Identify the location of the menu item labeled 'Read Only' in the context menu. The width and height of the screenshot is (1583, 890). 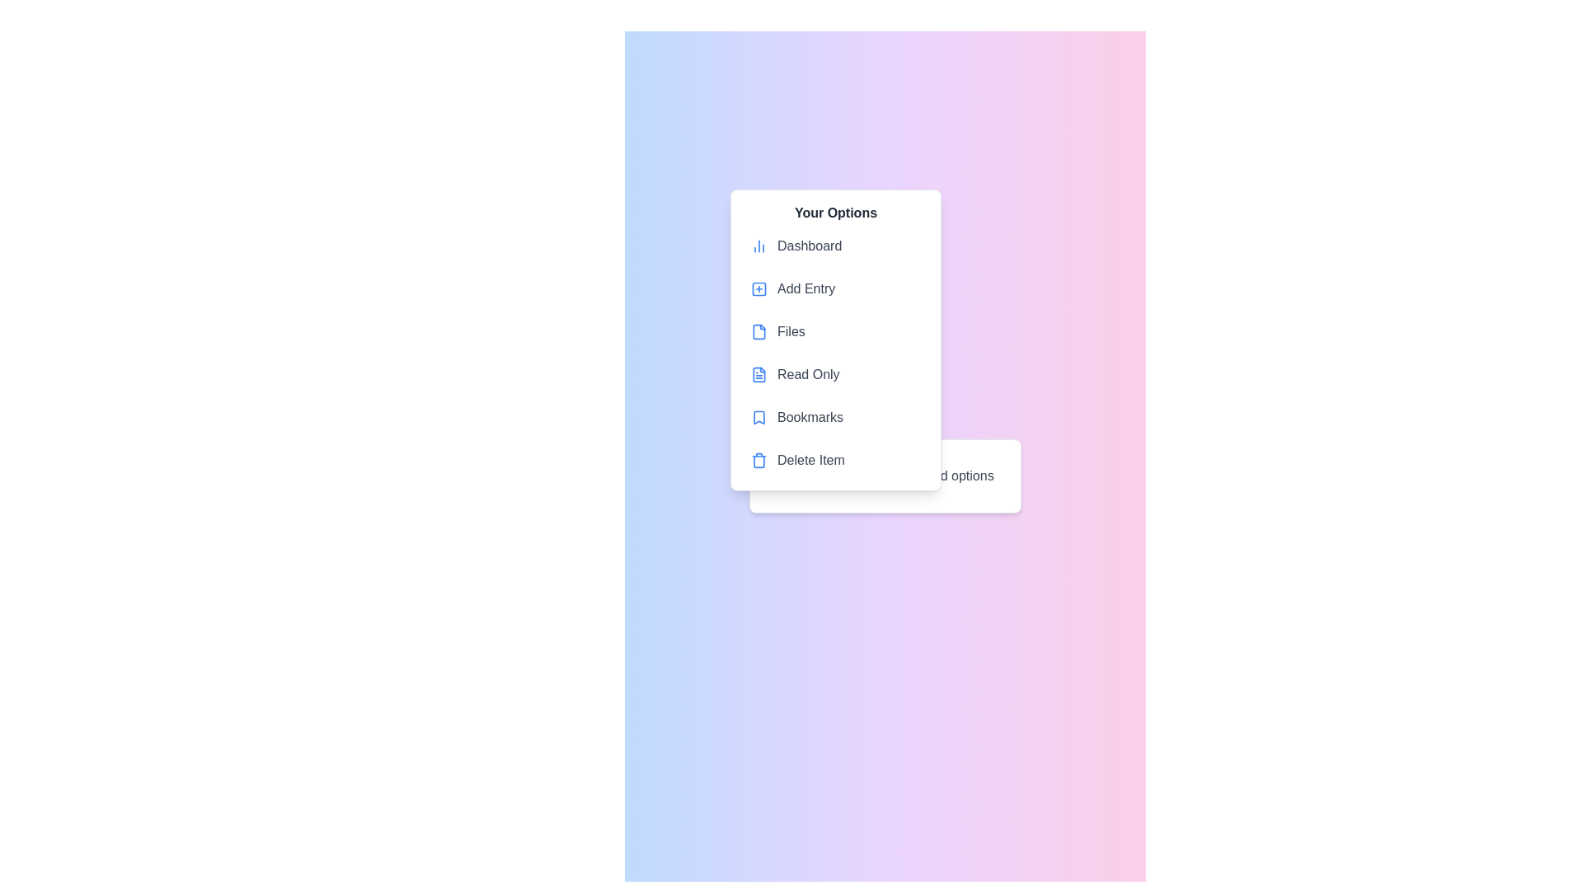
(835, 375).